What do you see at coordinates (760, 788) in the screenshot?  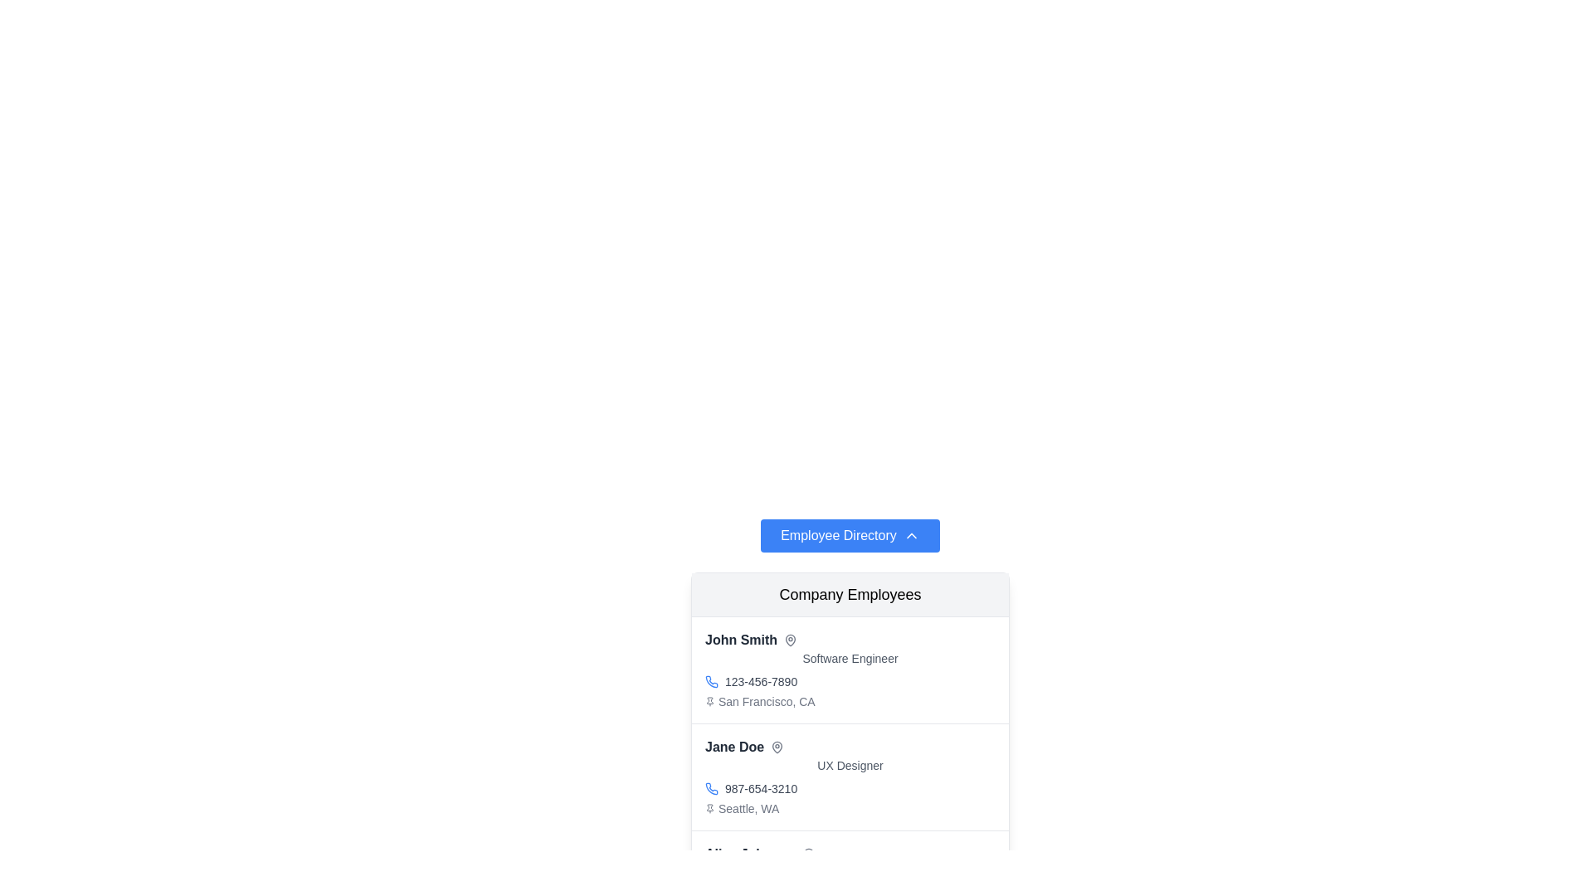 I see `the phone number text display element, which is styled in gray and presented in a standard phone number format, located under the 'Jane Doe' entry in the employee directory` at bounding box center [760, 788].